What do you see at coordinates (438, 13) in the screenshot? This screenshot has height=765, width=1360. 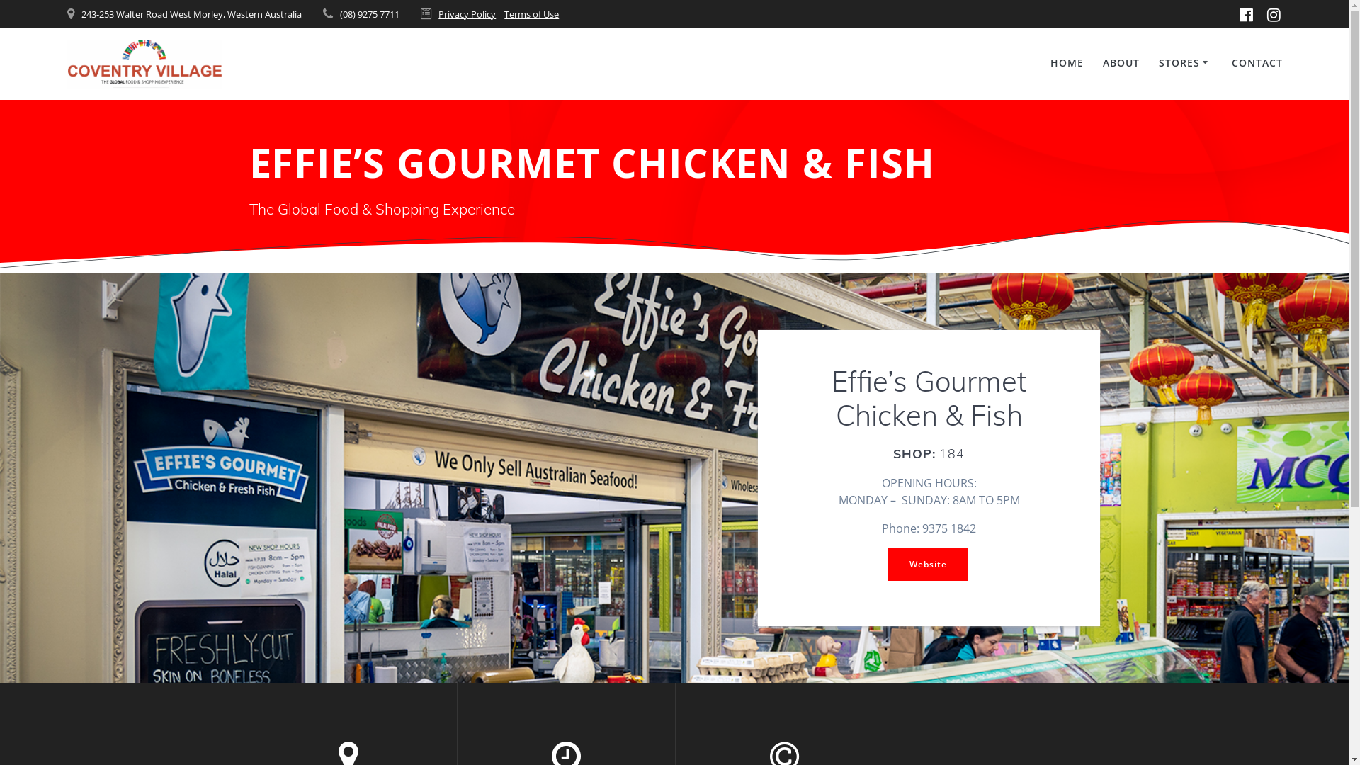 I see `'Privacy Policy'` at bounding box center [438, 13].